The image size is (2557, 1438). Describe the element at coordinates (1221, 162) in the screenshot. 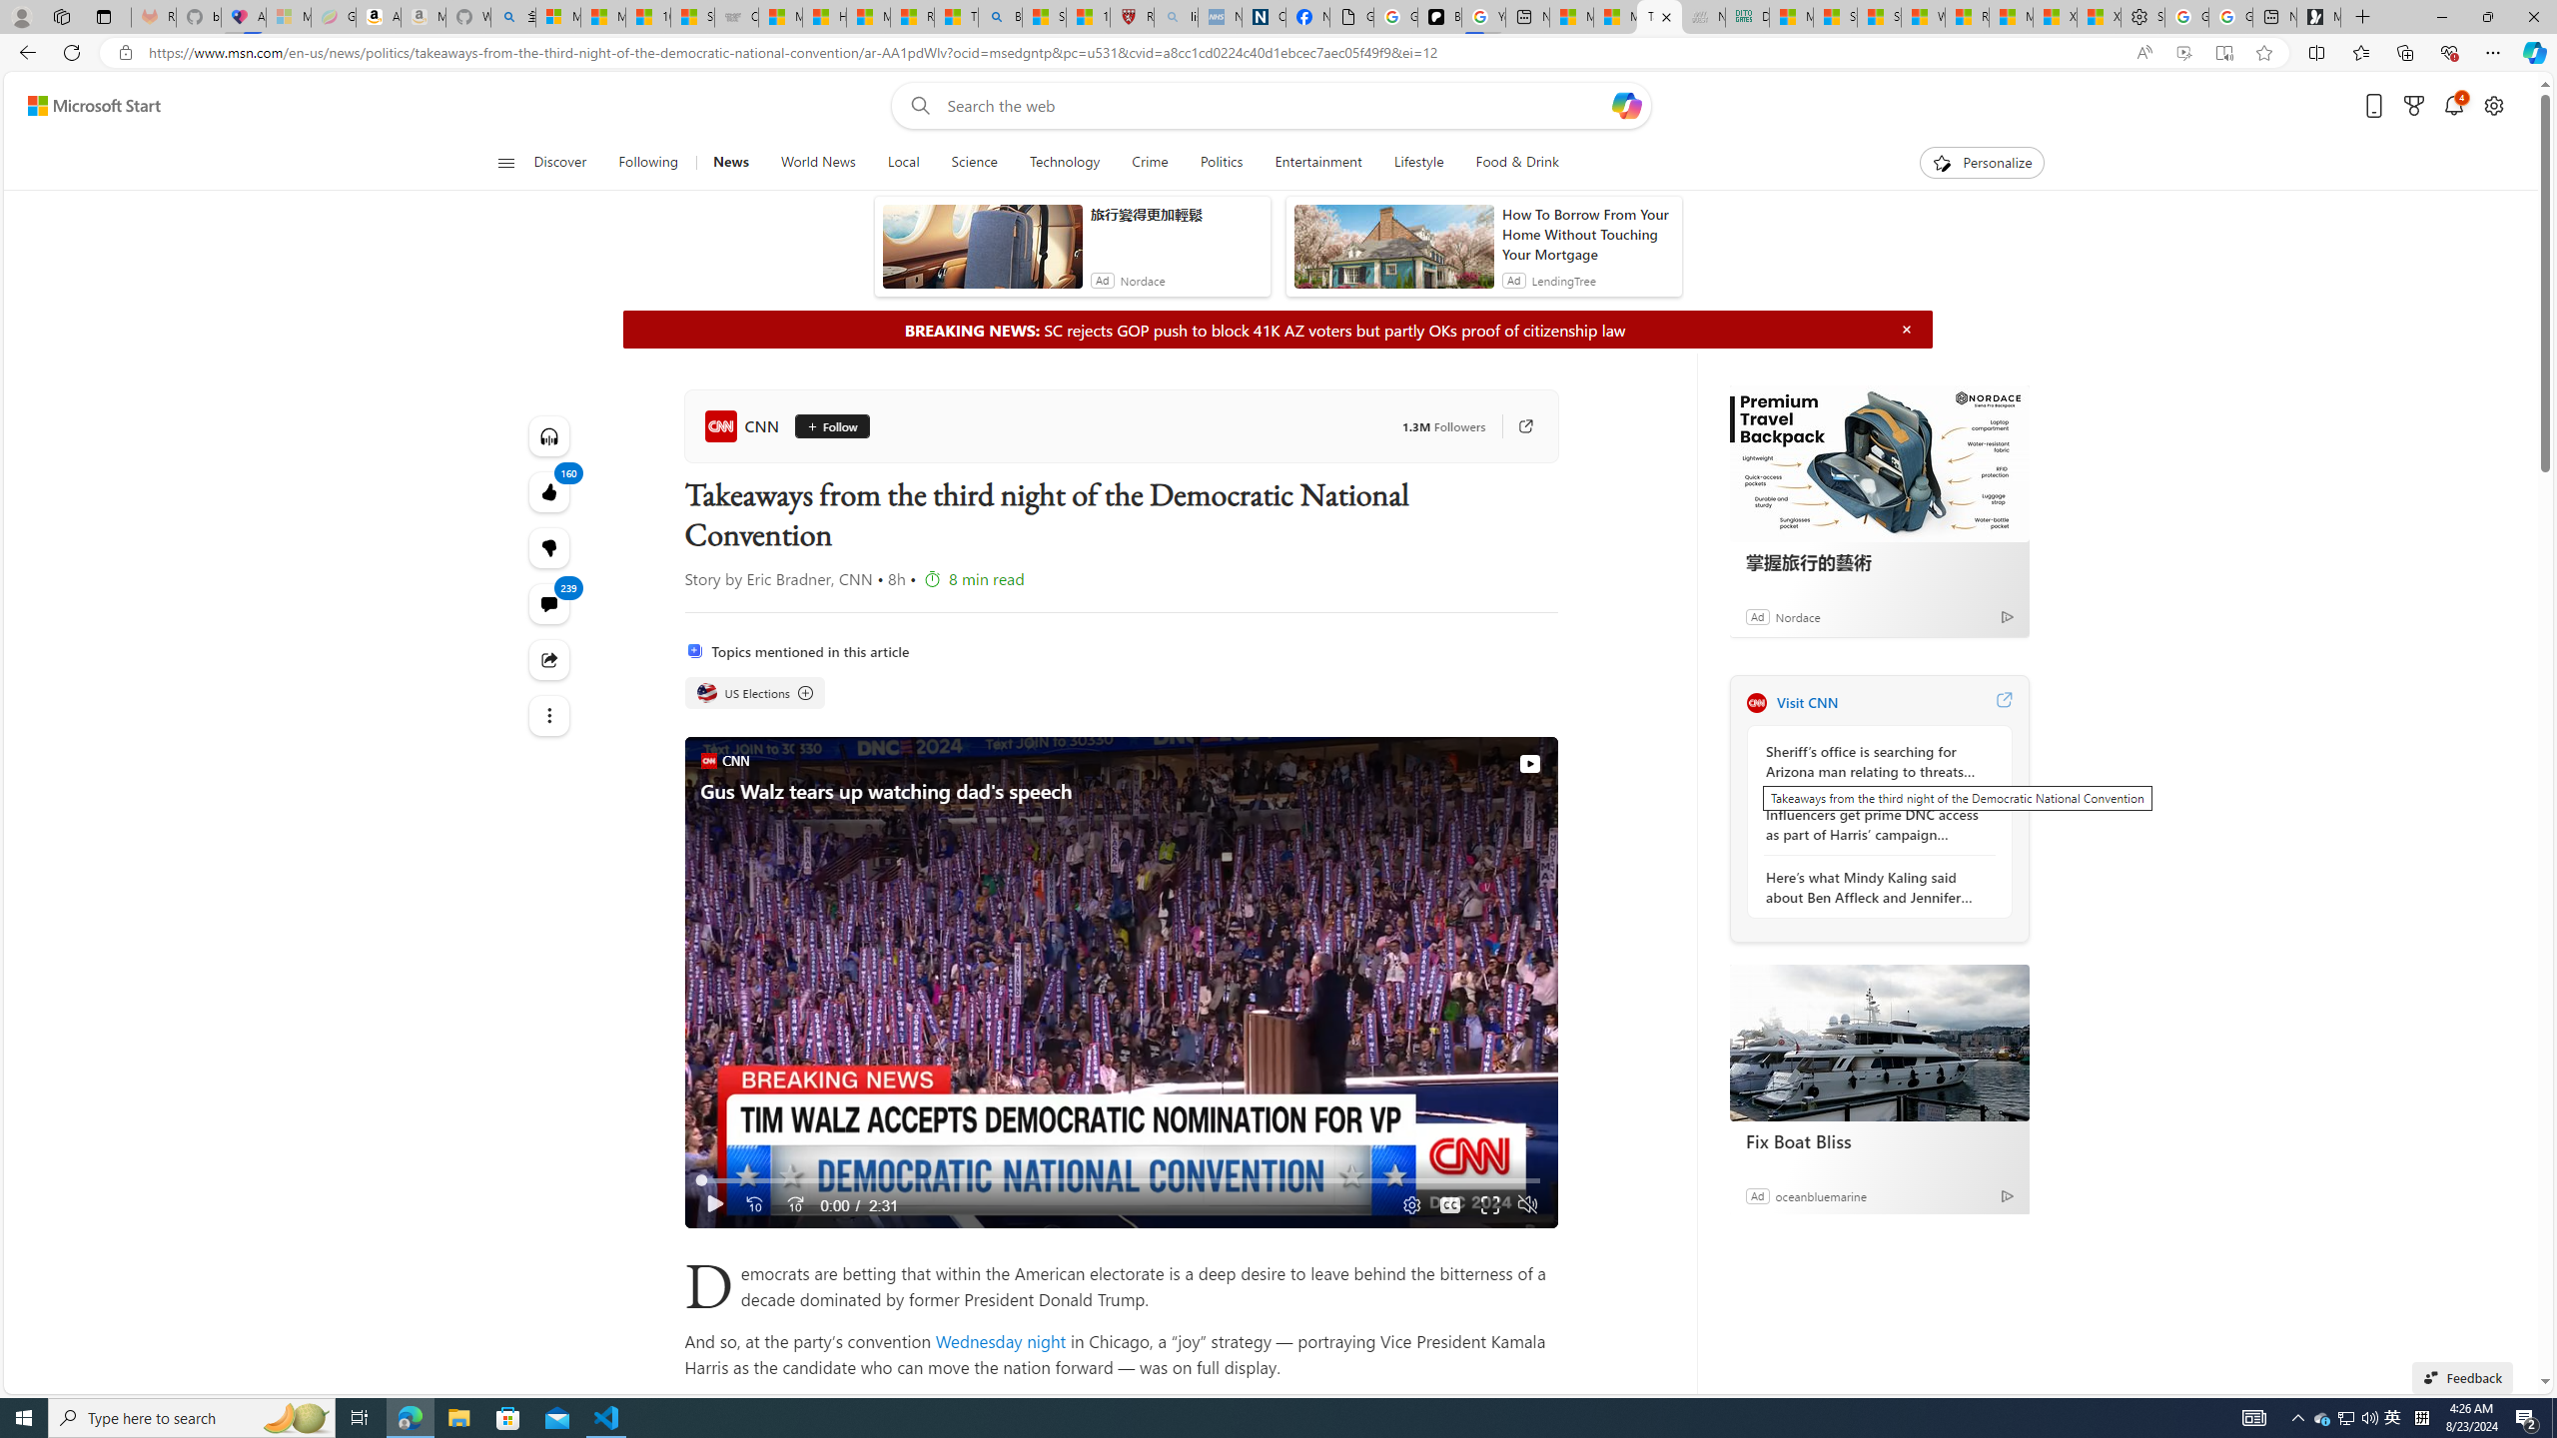

I see `'Politics'` at that location.